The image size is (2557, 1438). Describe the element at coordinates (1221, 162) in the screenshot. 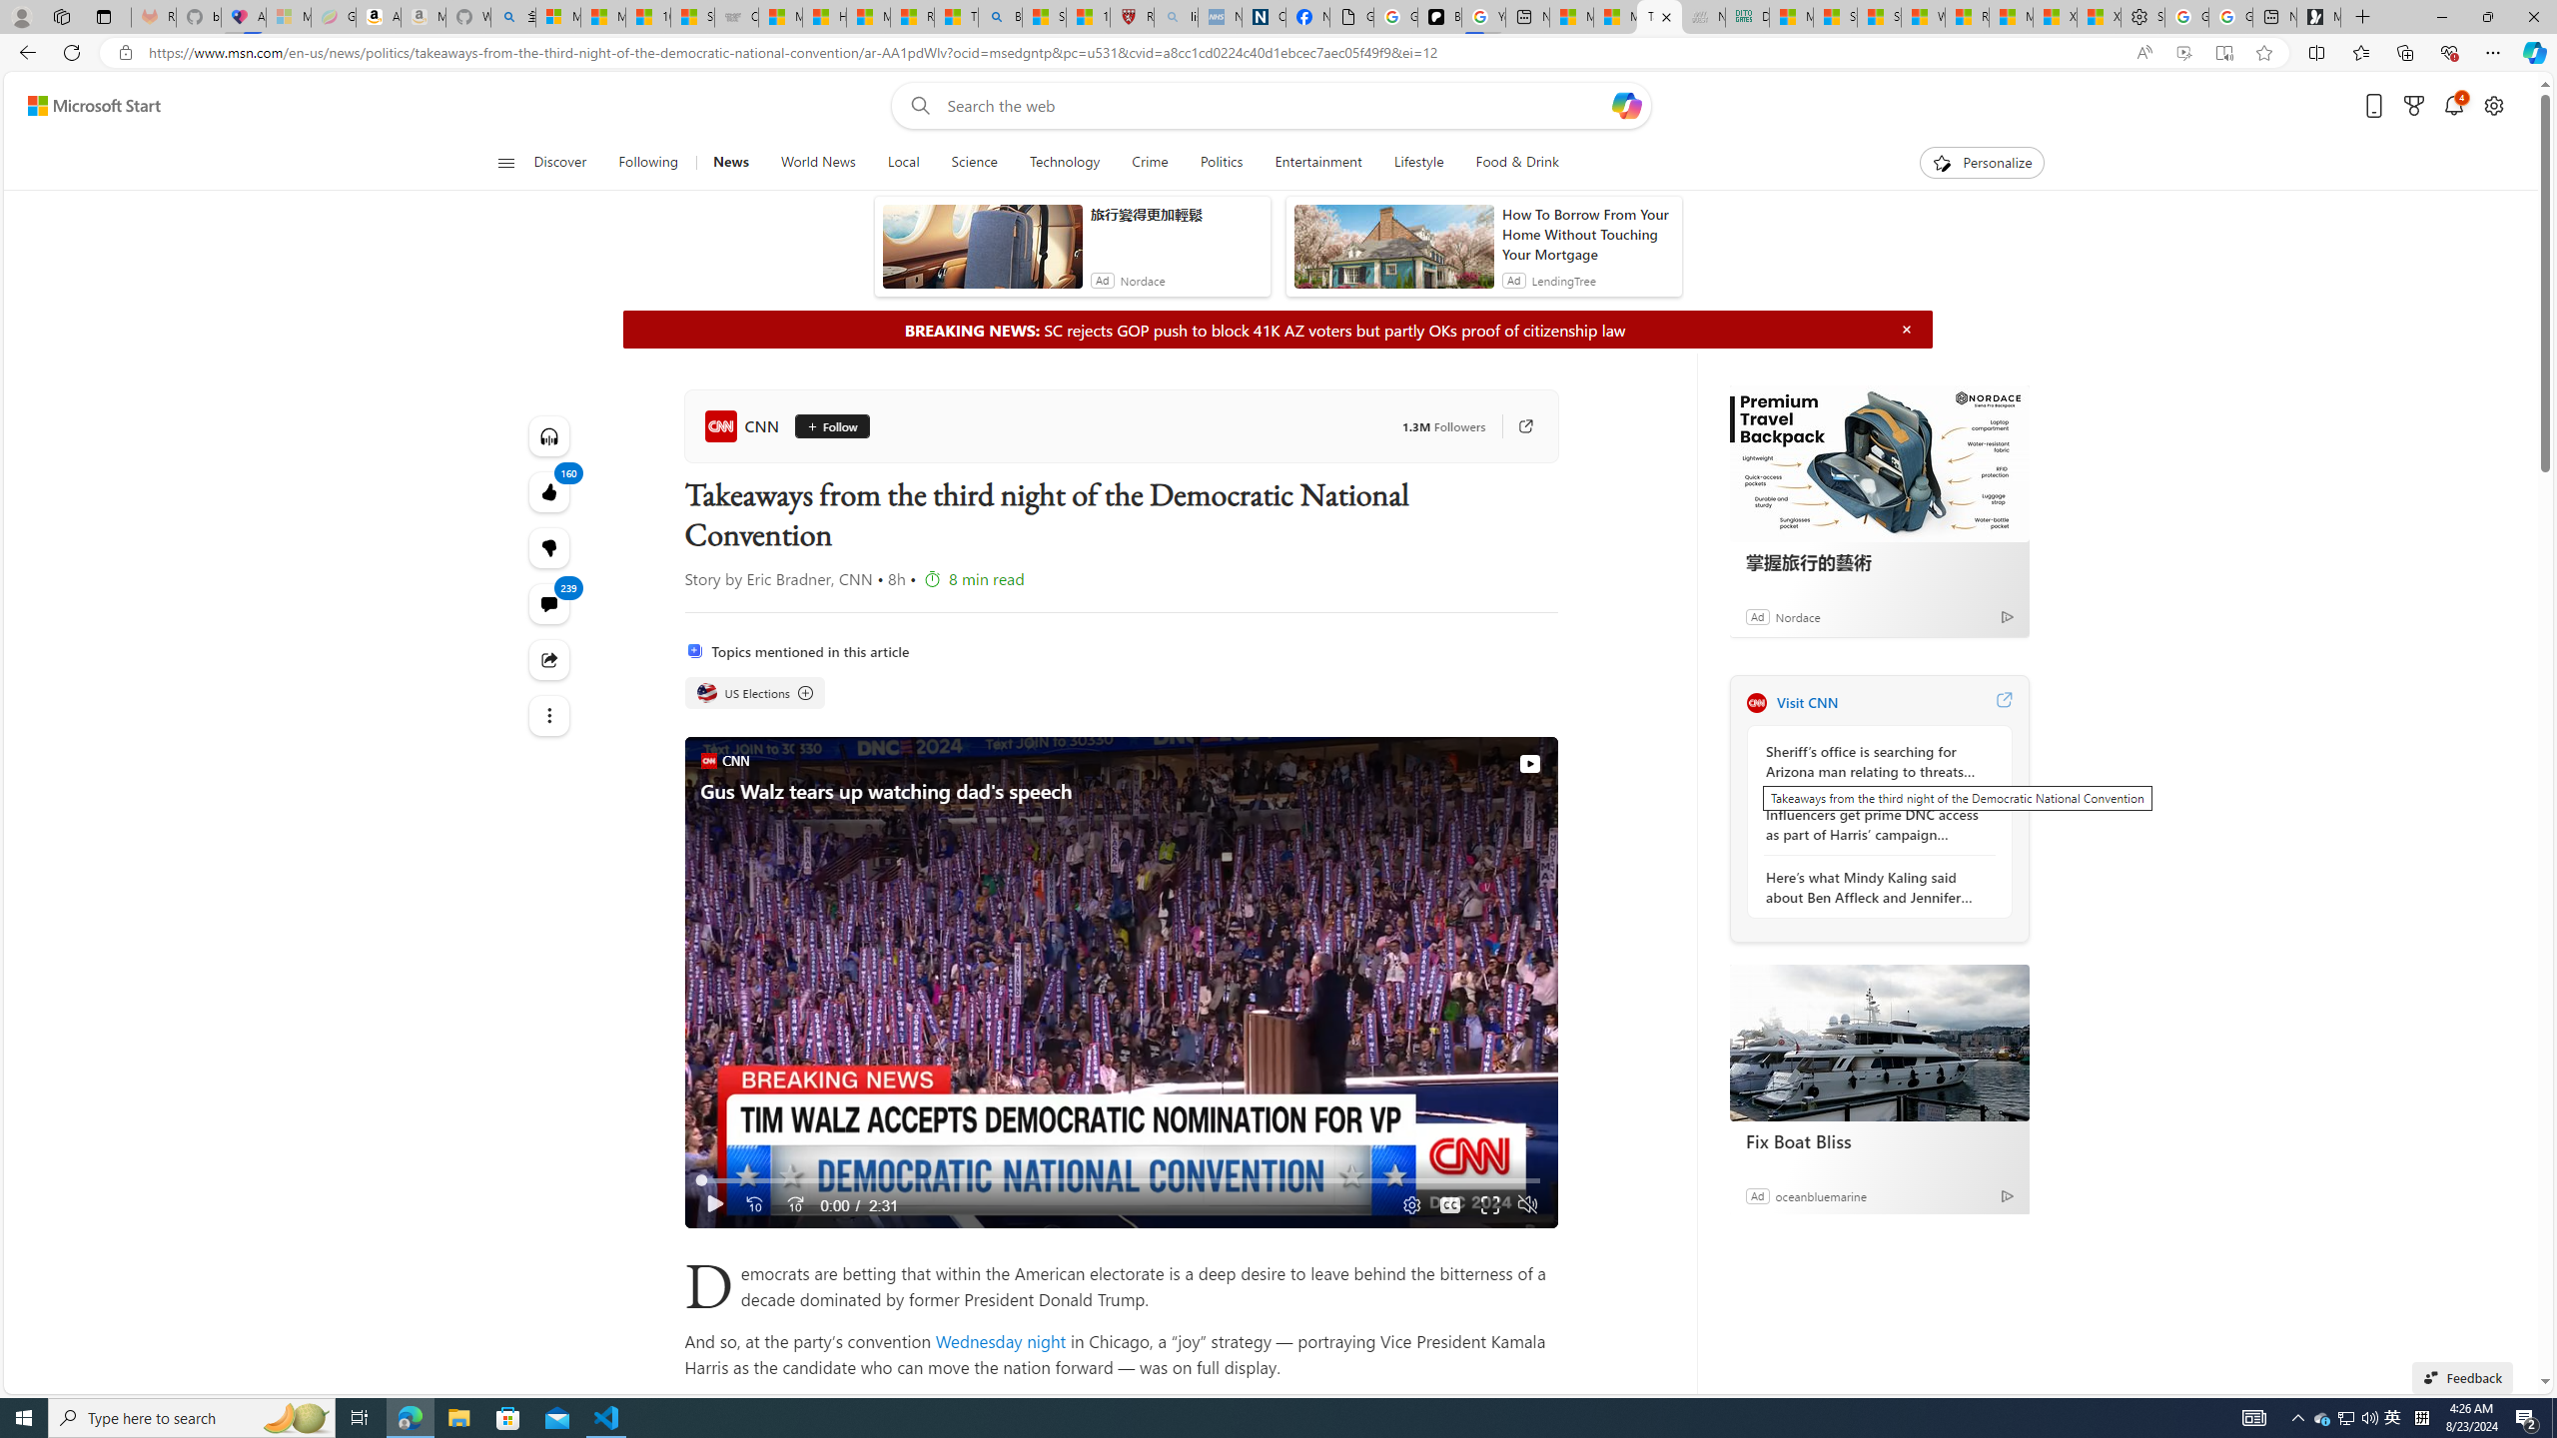

I see `'Politics'` at that location.